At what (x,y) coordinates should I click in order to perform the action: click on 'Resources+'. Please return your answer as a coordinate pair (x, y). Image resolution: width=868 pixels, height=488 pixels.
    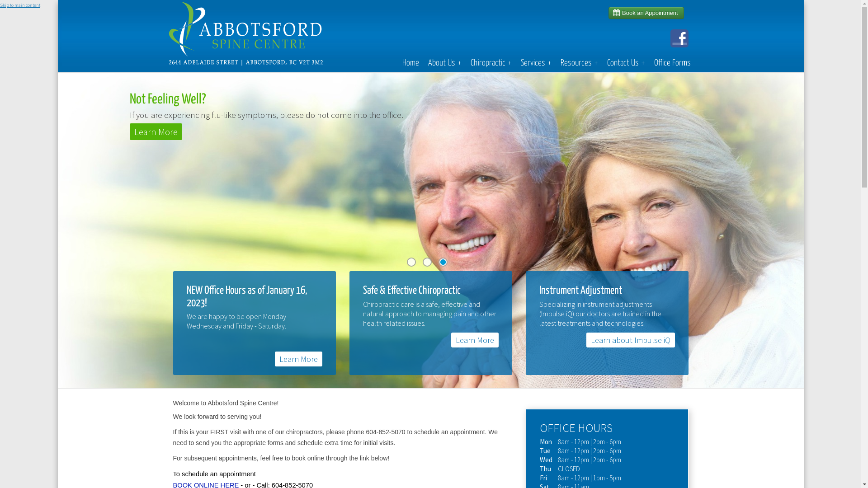
    Looking at the image, I should click on (579, 62).